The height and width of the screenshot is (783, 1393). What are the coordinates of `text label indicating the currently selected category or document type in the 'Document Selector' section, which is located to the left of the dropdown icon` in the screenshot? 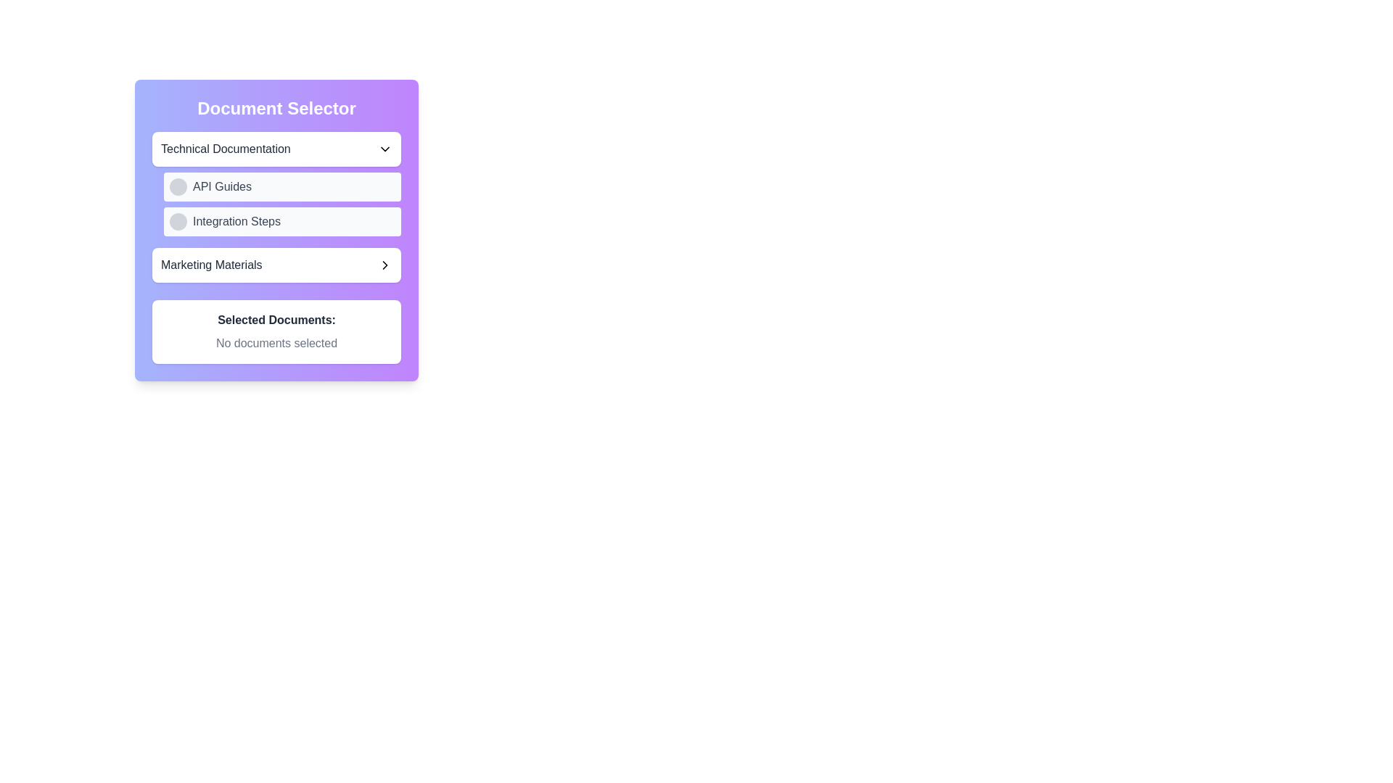 It's located at (225, 149).